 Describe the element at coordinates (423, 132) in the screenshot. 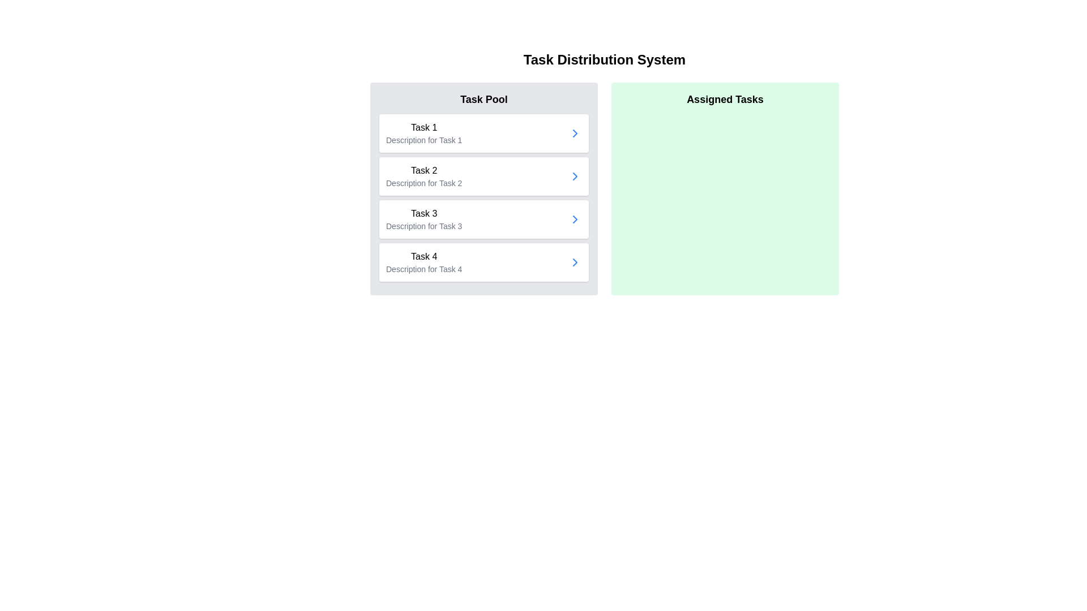

I see `the text block titled 'Task 1' which contains the description 'Description for Task 1' located at the upper left of the 'Task Pool' section` at that location.